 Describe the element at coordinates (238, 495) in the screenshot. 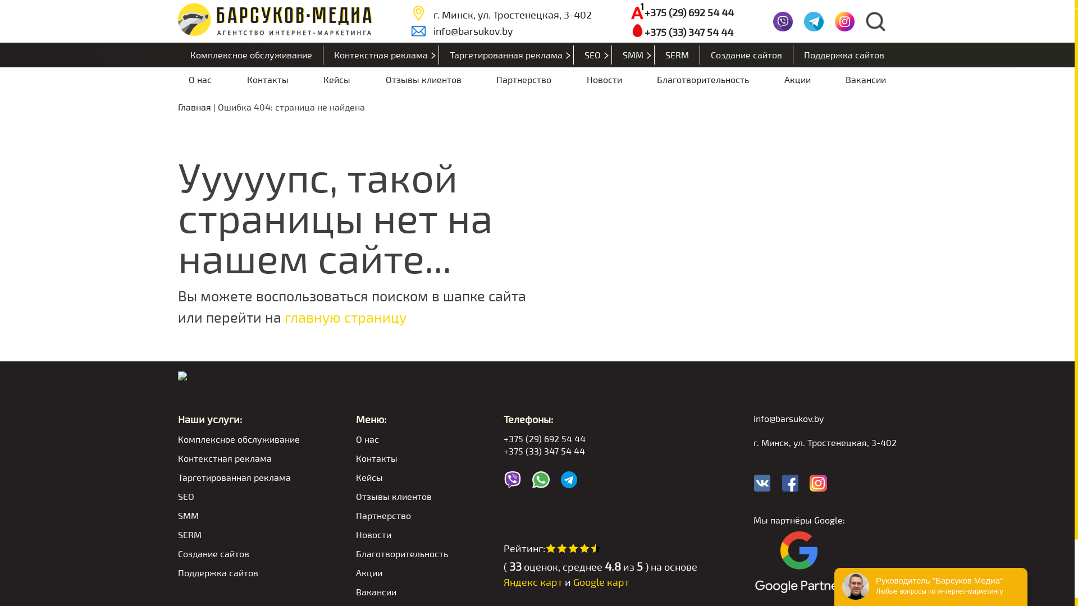

I see `'SEO'` at that location.